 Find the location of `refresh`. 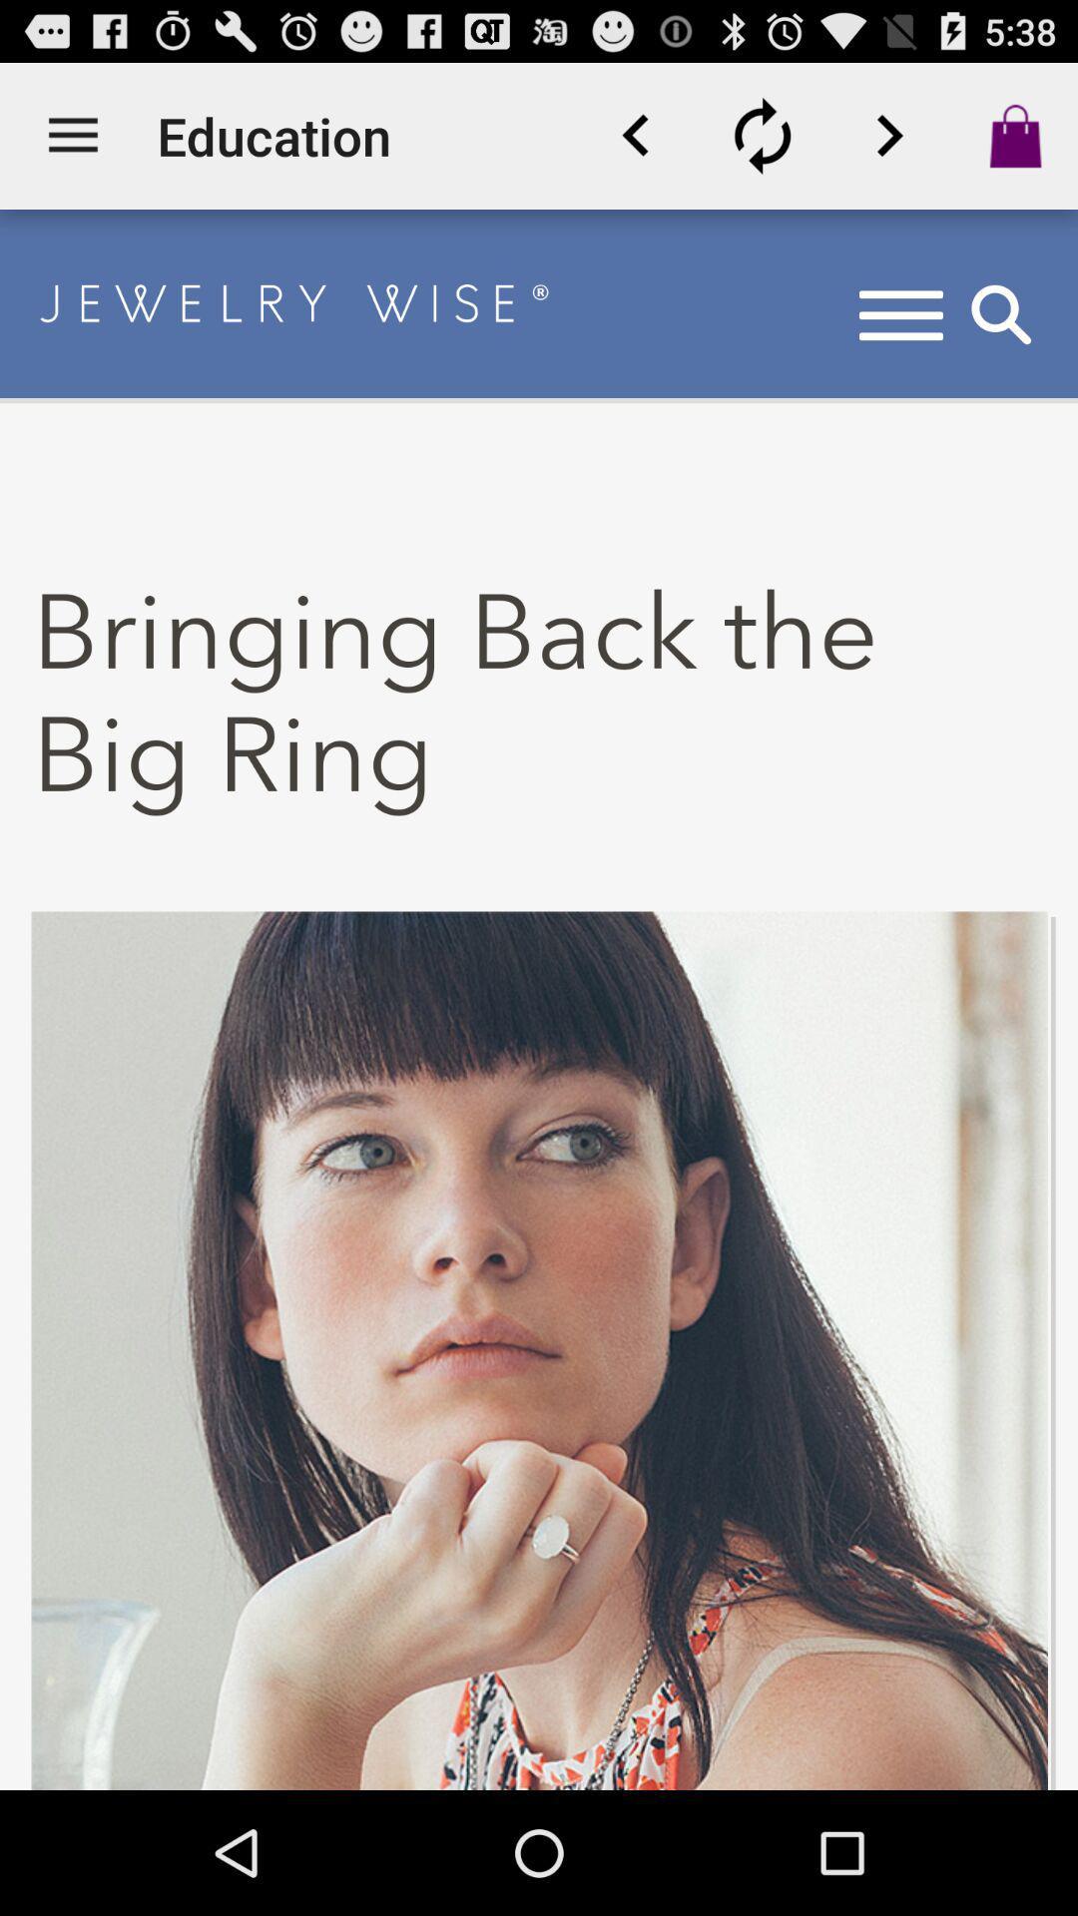

refresh is located at coordinates (763, 135).